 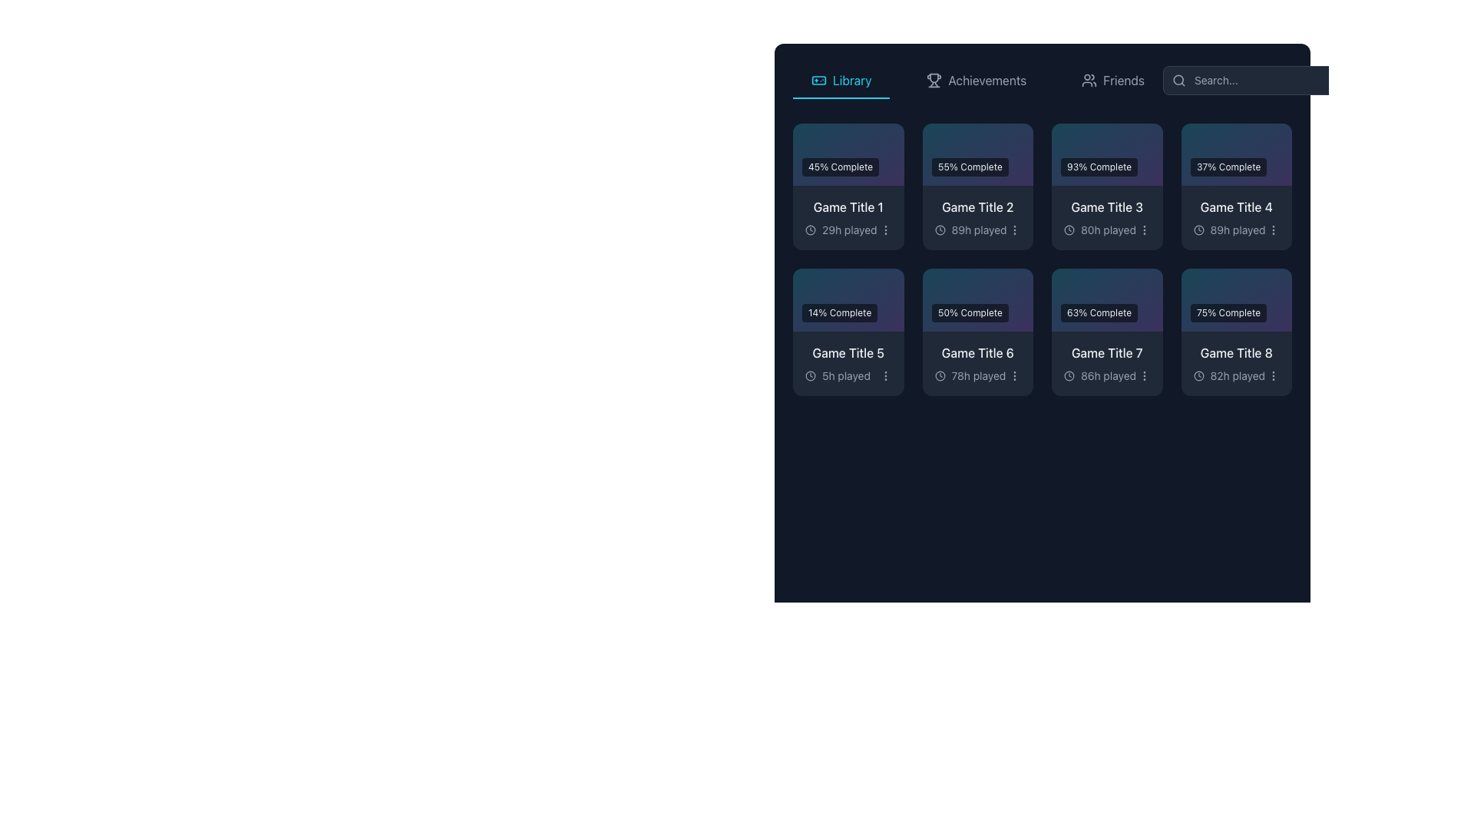 I want to click on the Label/Status Indicator displaying '37% Complete' in white text with a dark background, located in the bottom-left corner of the card for 'Game Title 4', so click(x=1228, y=167).